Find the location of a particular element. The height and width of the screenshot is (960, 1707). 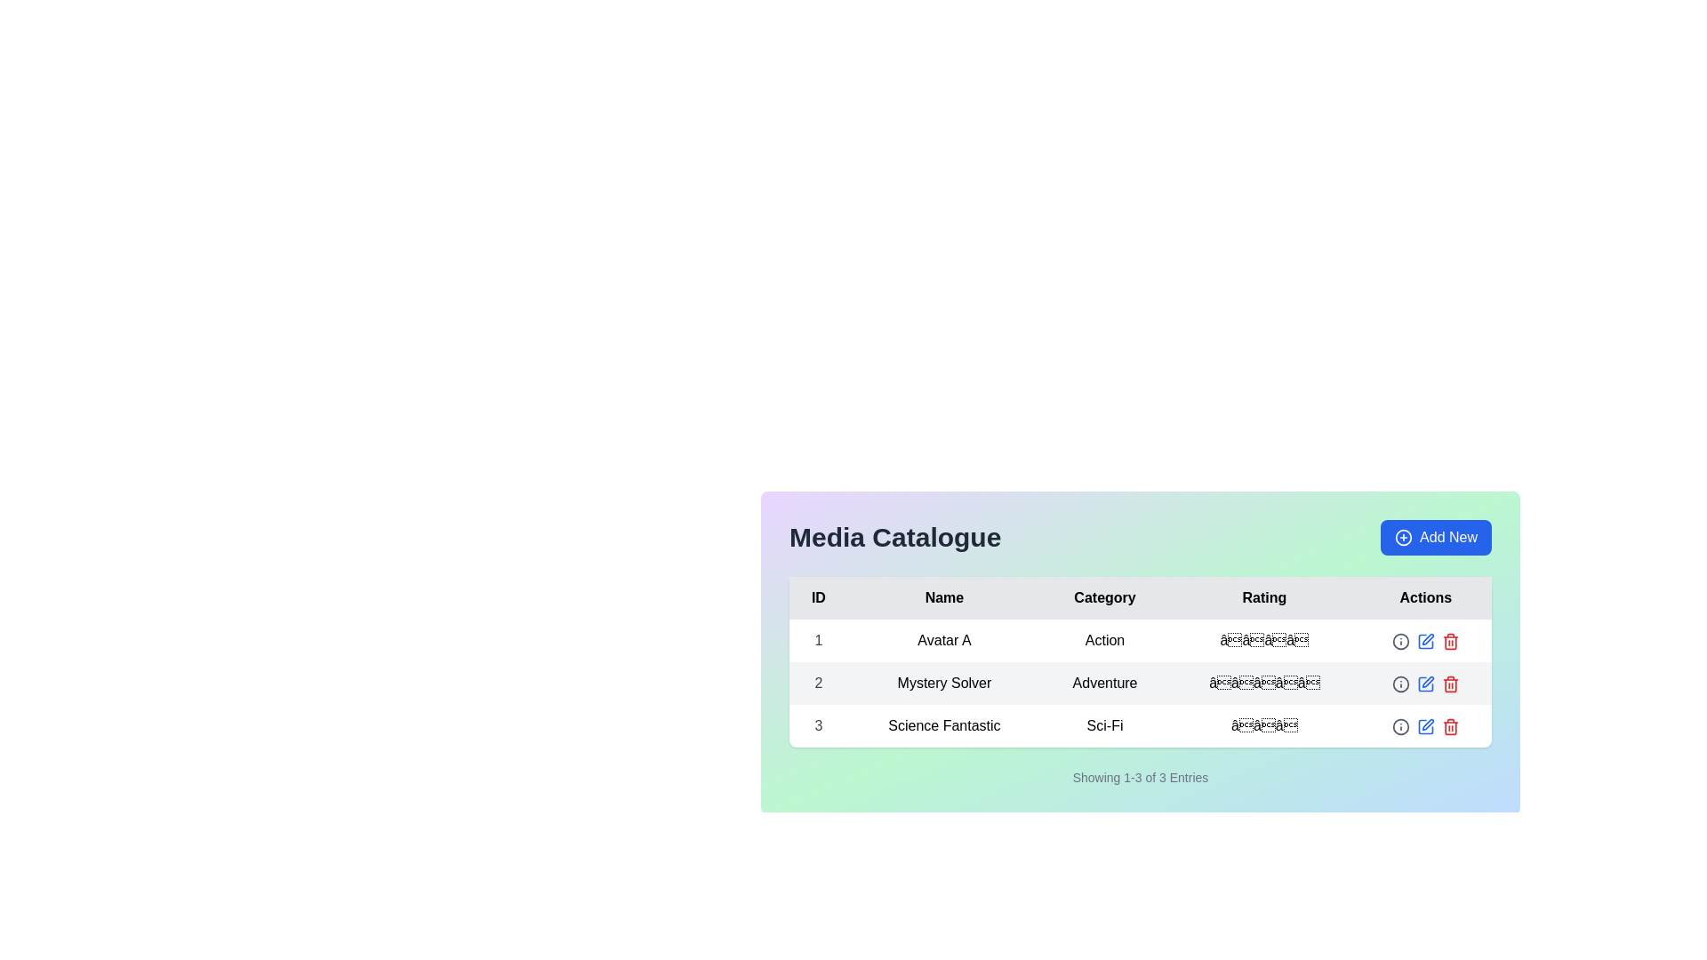

the circular graphic within the SVG icon, which has a thin black stroke and no fill, located in the 'Actions' column of the first row in the visible table, adjacent to the 'Rating' column is located at coordinates (1399, 641).